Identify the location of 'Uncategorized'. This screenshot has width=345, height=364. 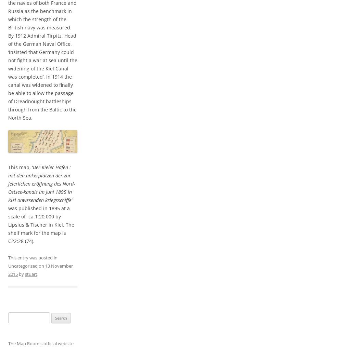
(23, 266).